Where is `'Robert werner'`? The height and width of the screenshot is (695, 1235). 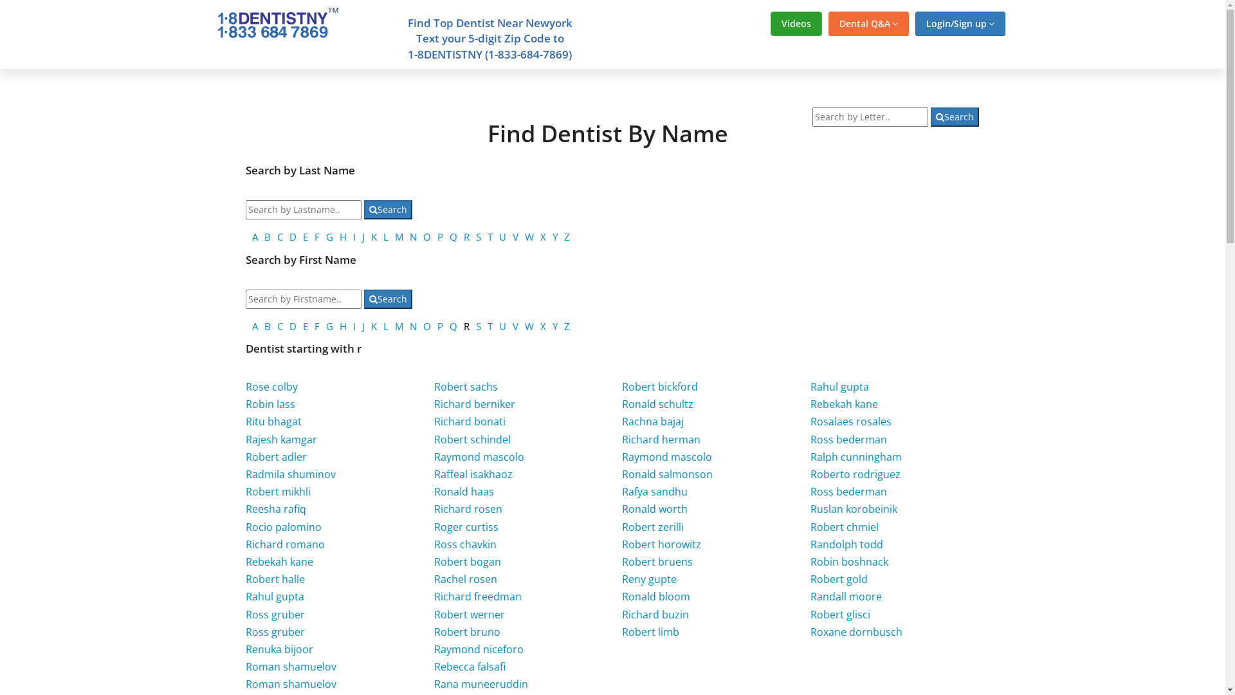
'Robert werner' is located at coordinates (468, 614).